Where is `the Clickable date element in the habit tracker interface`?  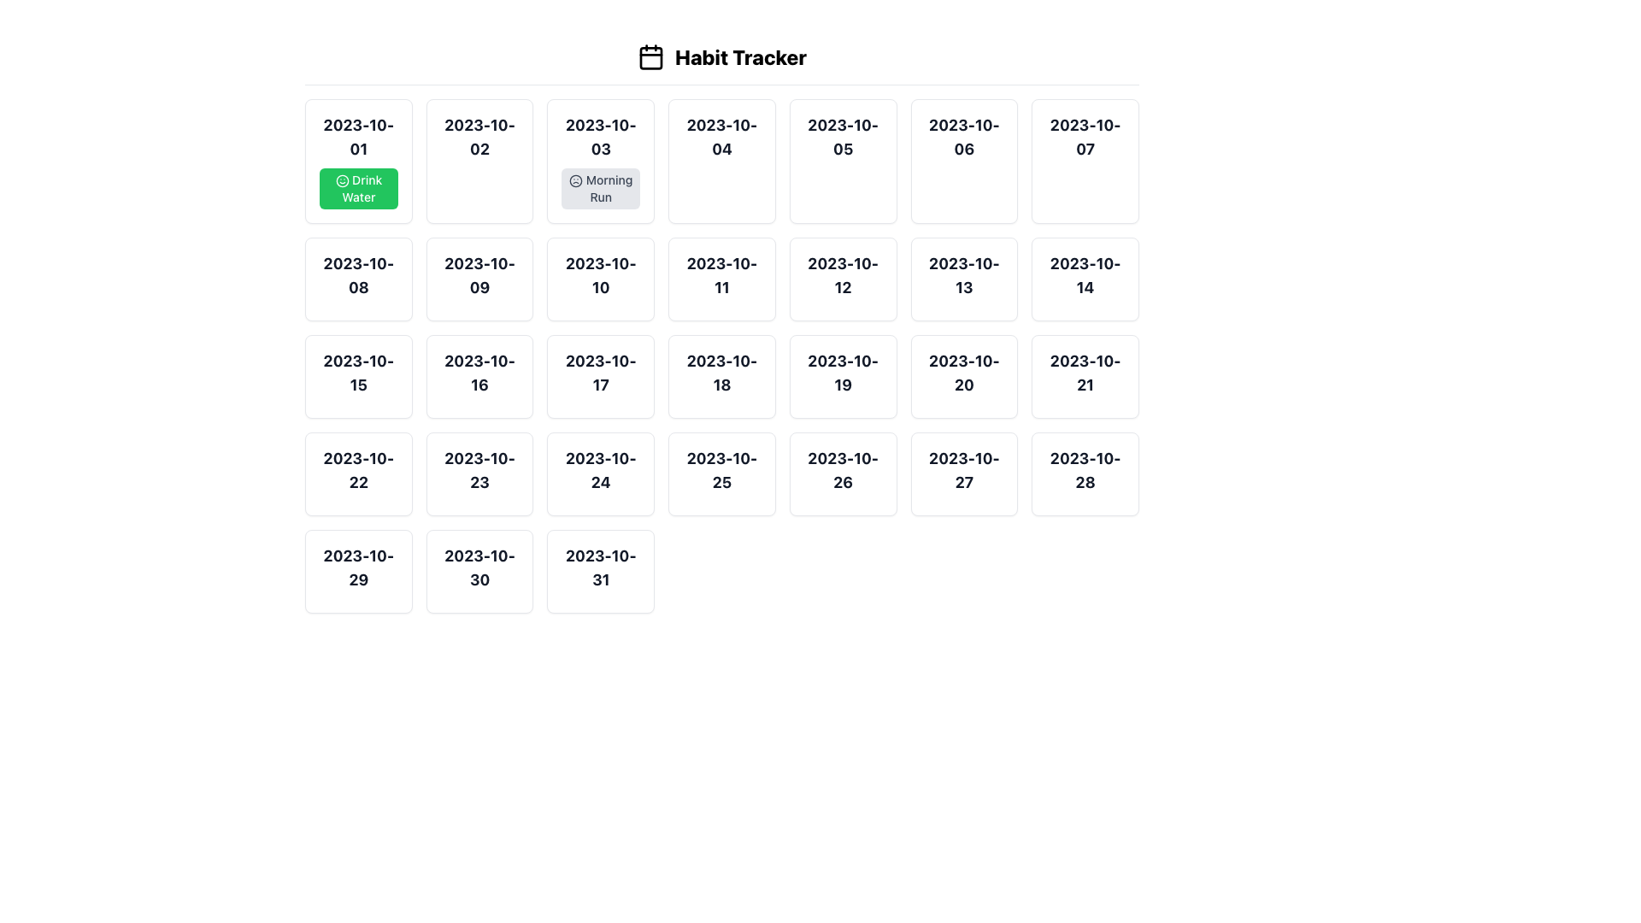
the Clickable date element in the habit tracker interface is located at coordinates (721, 375).